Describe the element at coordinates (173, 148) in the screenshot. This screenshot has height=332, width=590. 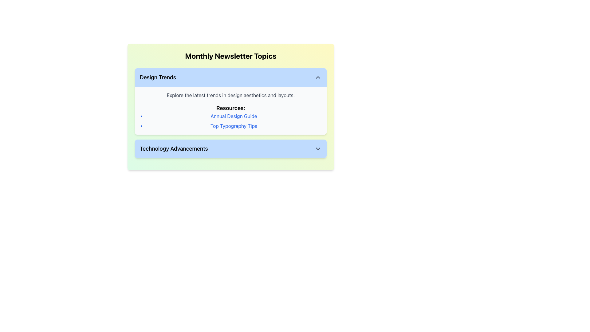
I see `text from the text label displaying 'Technology Advancements', which is bold and black on a light blue background` at that location.